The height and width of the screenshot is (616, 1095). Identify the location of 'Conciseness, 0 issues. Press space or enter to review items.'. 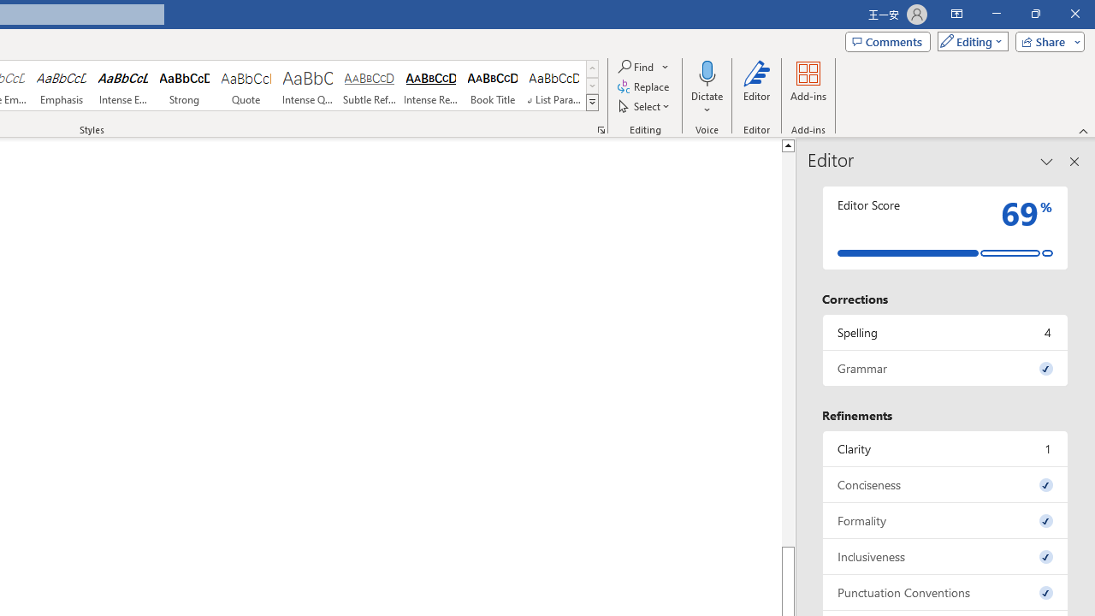
(944, 484).